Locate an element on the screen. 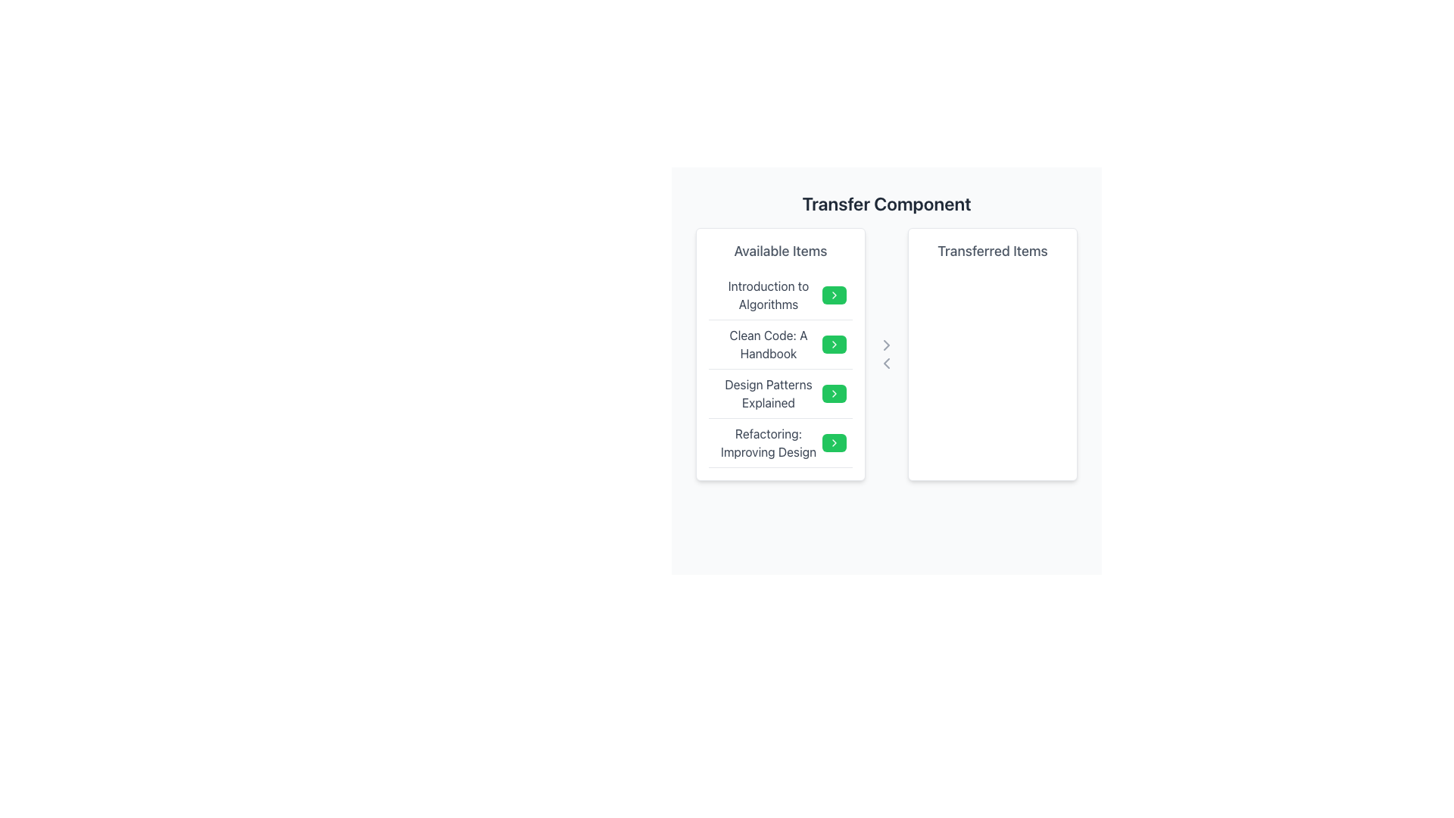  text of the second selectable item in the 'Available Items' list, which is positioned below 'Introduction to Algorithms' and above 'Design Patterns Explained' is located at coordinates (768, 345).